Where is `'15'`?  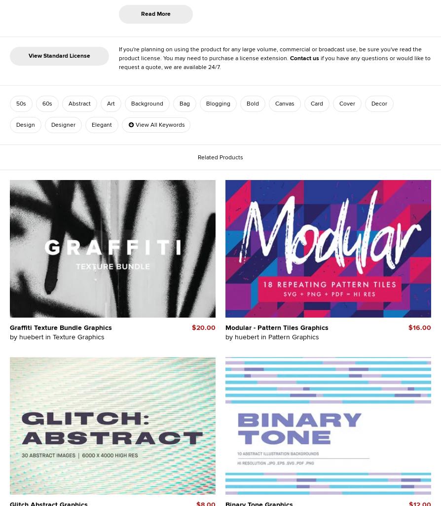 '15' is located at coordinates (161, 60).